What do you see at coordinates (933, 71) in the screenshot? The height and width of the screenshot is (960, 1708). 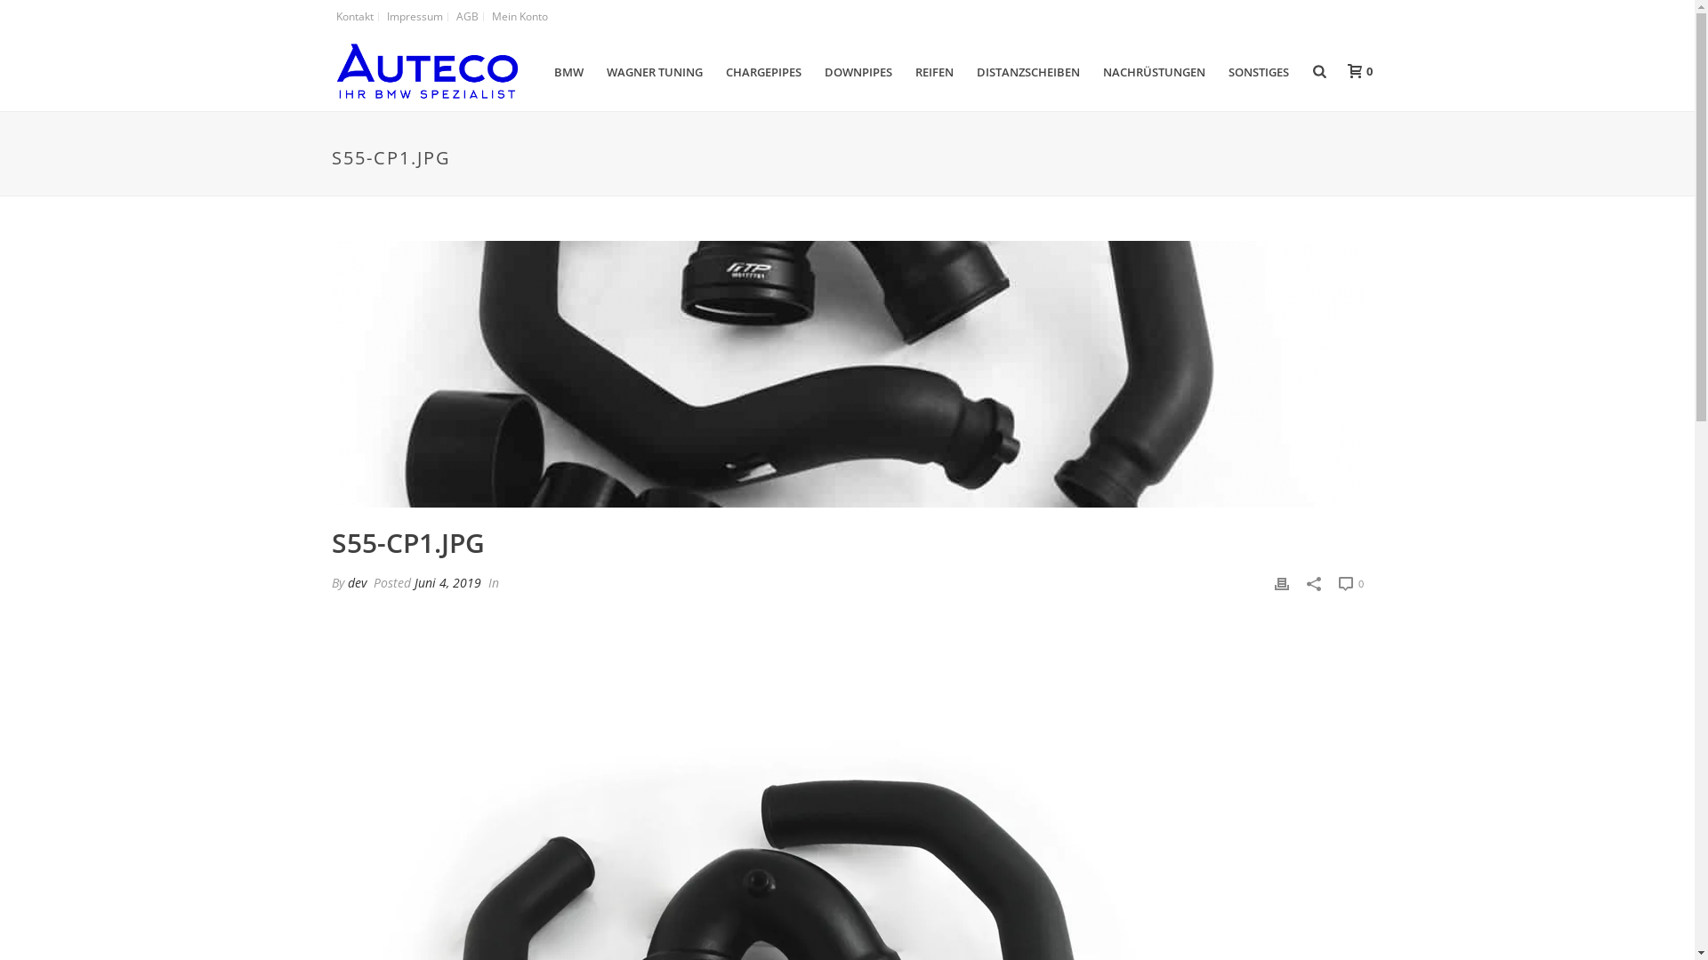 I see `'REIFEN'` at bounding box center [933, 71].